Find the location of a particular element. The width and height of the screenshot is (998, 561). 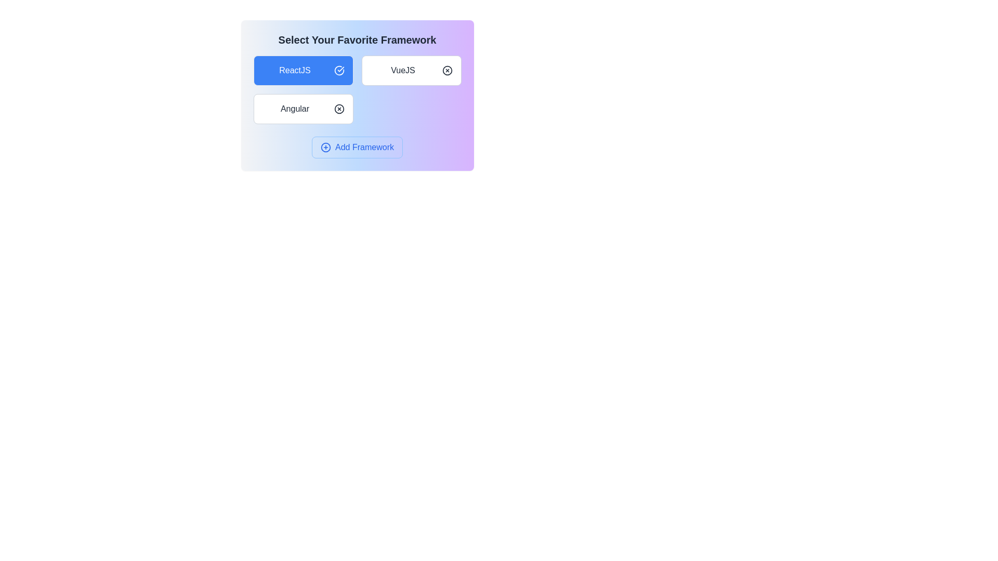

the 'Add Framework' button to add a new framework chip is located at coordinates (357, 148).